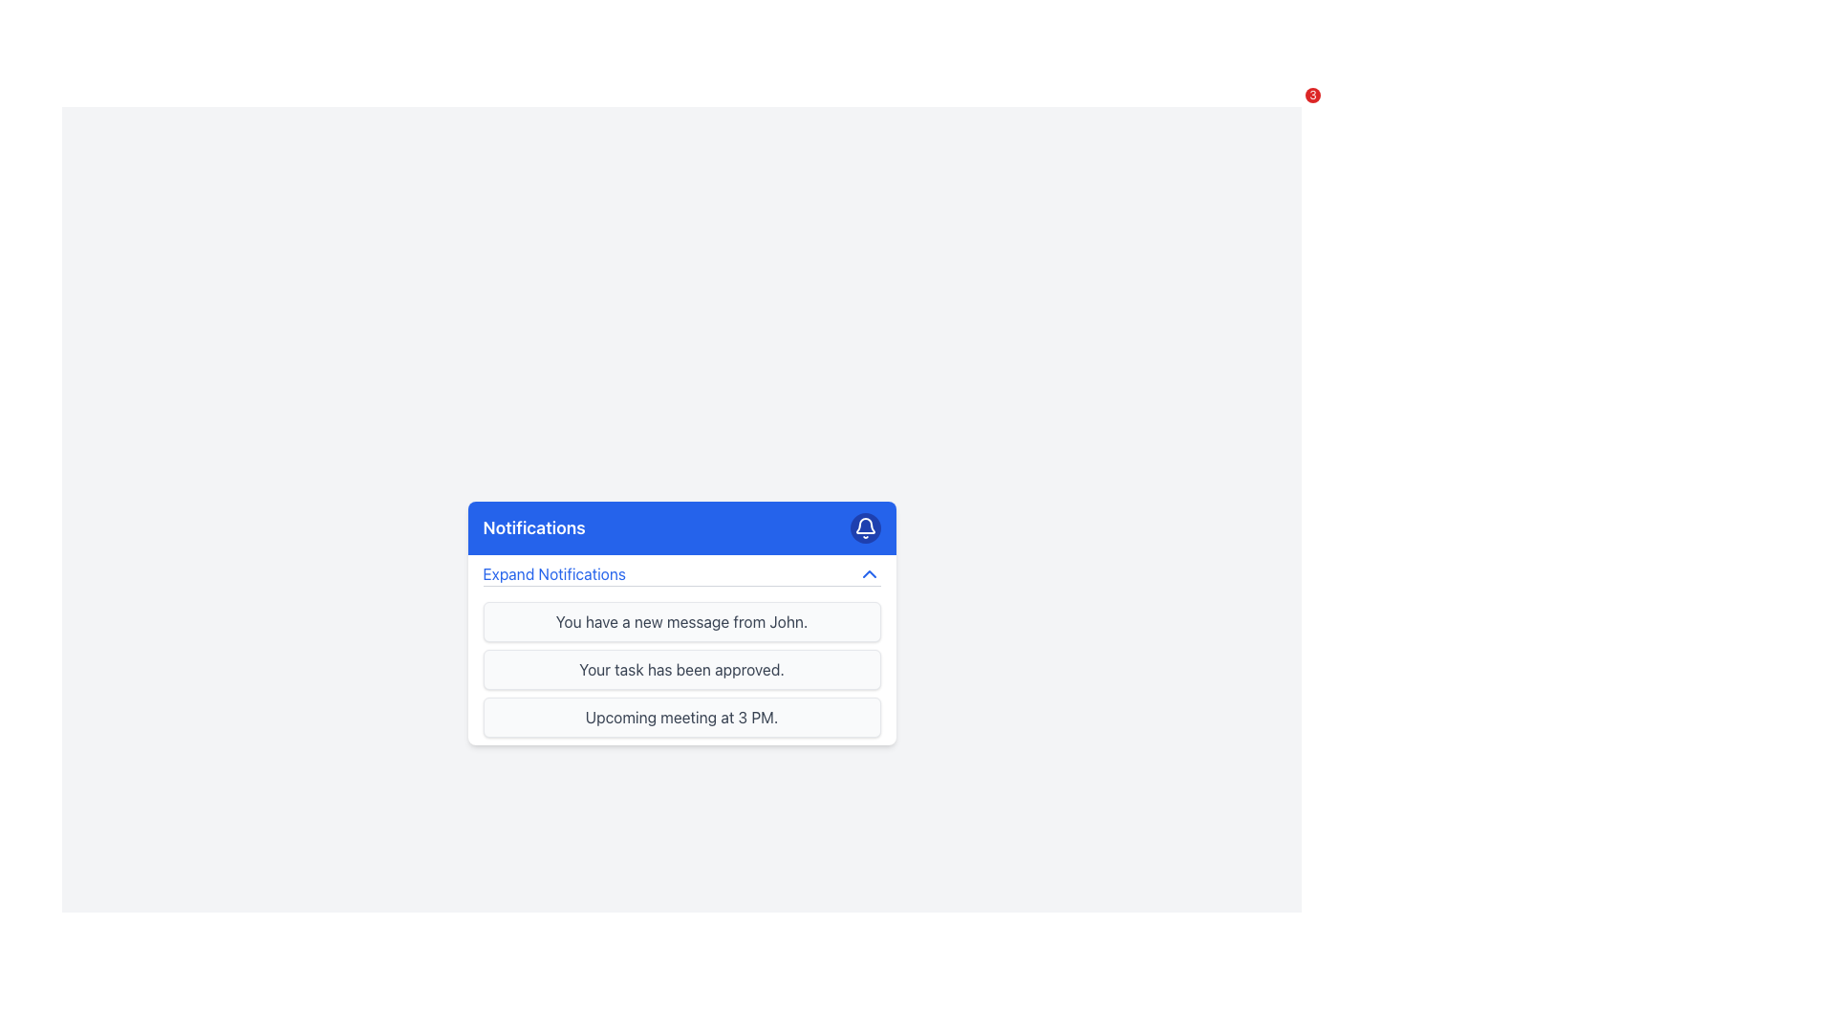 The image size is (1835, 1032). What do you see at coordinates (681, 573) in the screenshot?
I see `the 'Expand Notifications' button located beneath the 'Notifications' header and above the message blocks for keyboard interaction` at bounding box center [681, 573].